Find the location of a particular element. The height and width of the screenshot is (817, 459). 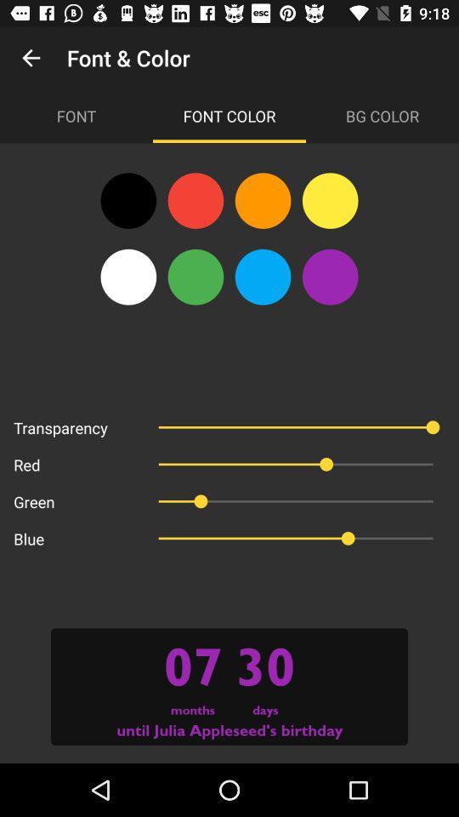

the avatar icon is located at coordinates (263, 201).